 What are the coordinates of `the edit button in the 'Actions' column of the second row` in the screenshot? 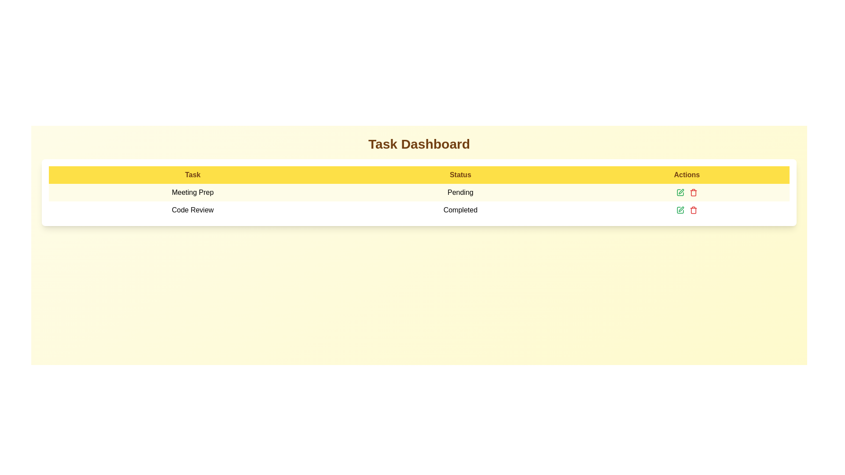 It's located at (680, 210).